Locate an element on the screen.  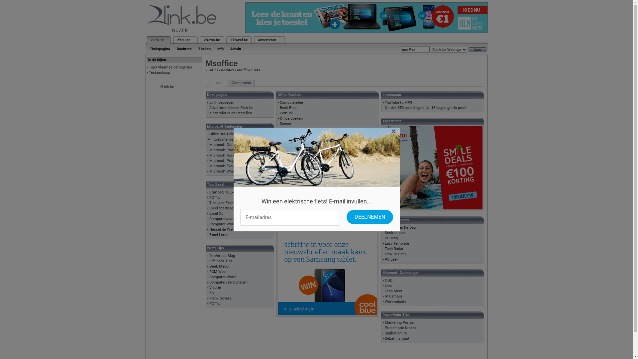
'IP Campus' is located at coordinates (394, 296).